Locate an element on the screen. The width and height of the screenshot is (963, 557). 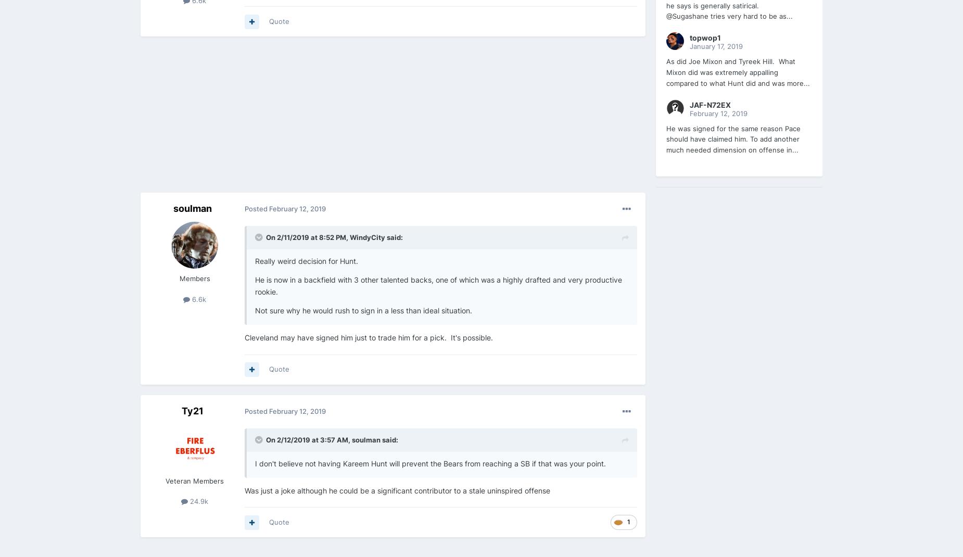
'Members' is located at coordinates (194, 278).